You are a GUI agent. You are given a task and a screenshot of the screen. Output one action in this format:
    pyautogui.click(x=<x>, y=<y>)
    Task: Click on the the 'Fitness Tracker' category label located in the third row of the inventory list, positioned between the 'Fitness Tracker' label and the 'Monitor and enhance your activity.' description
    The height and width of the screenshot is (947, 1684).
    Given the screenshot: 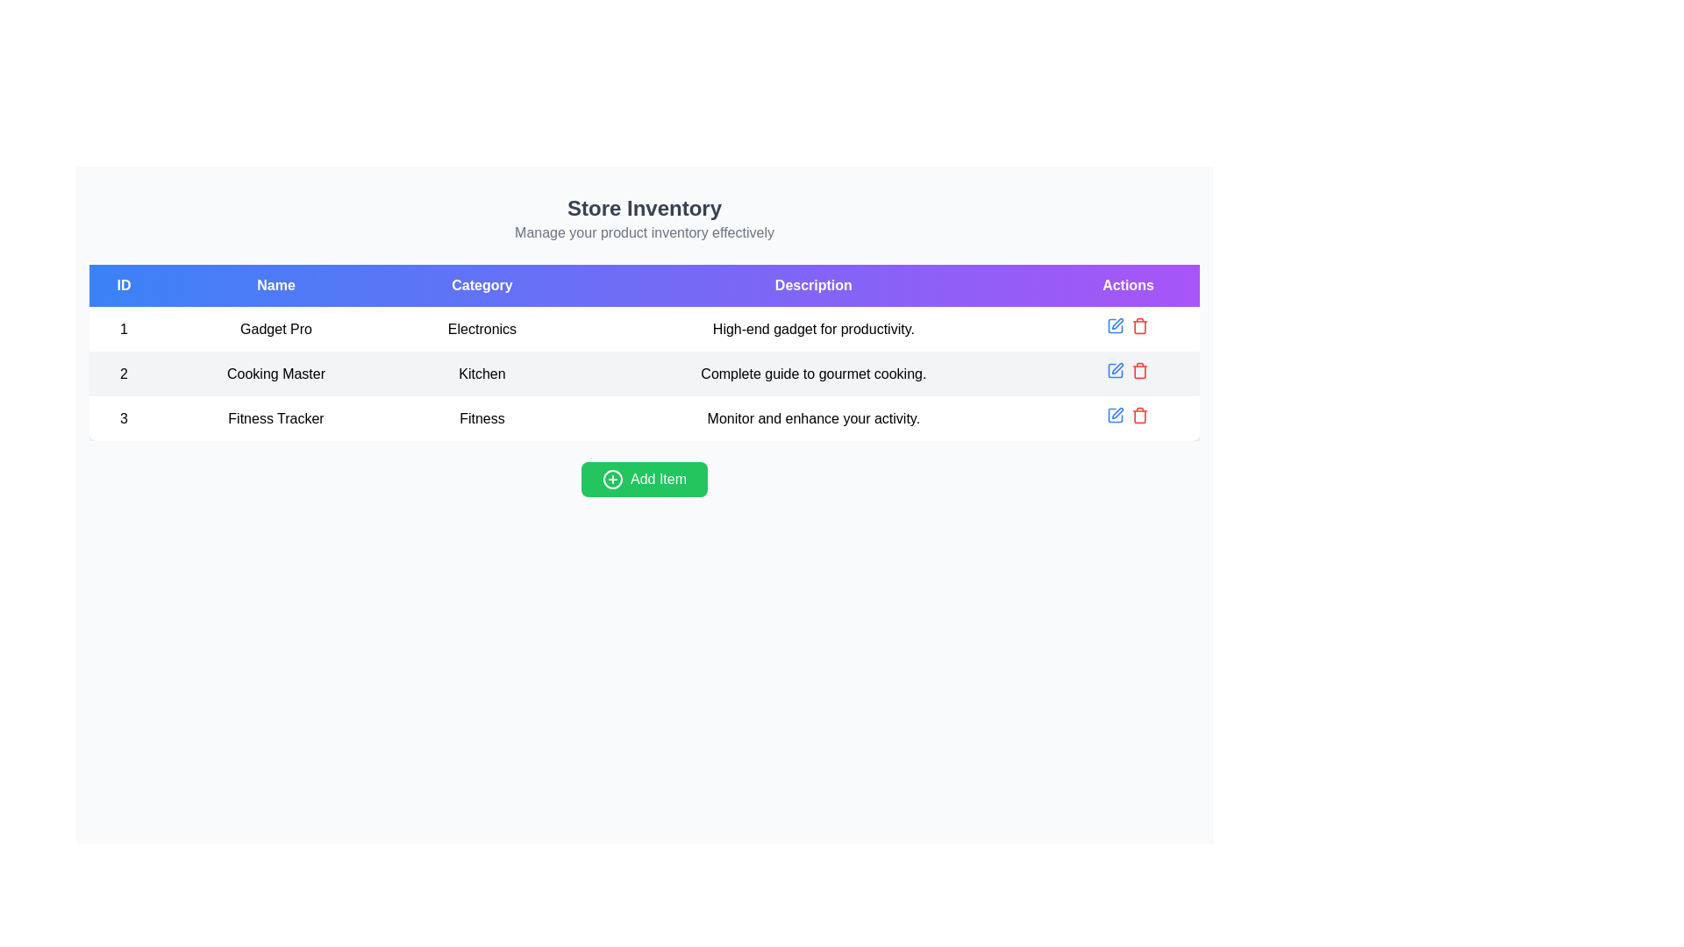 What is the action you would take?
    pyautogui.click(x=482, y=418)
    